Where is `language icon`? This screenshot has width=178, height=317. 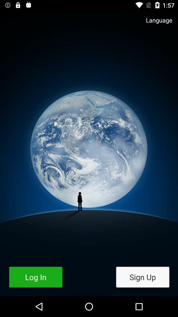 language icon is located at coordinates (156, 23).